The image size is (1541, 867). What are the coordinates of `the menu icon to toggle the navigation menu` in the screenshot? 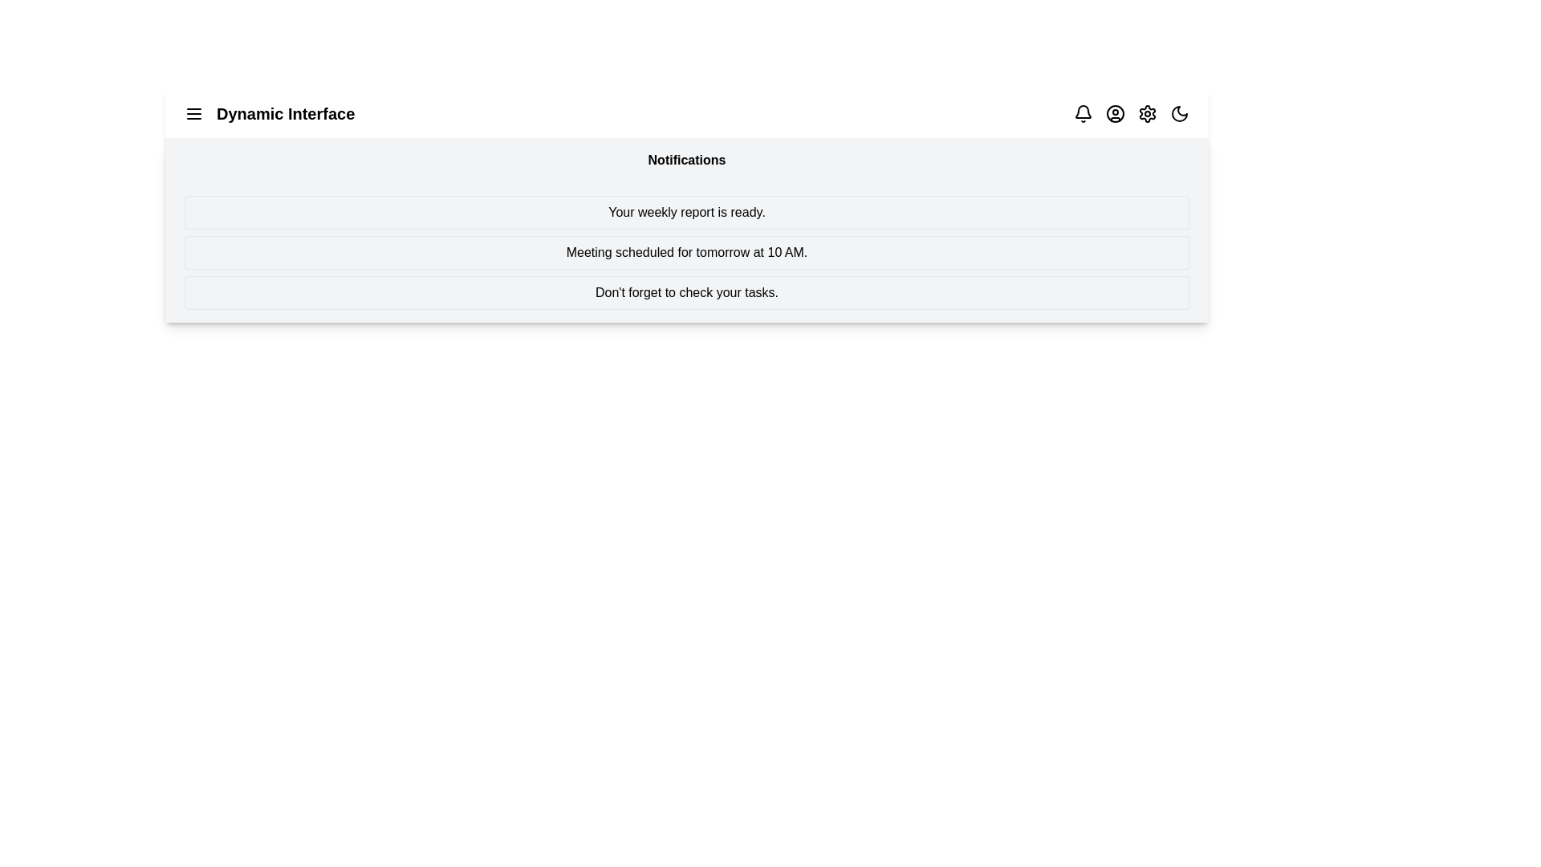 It's located at (193, 113).